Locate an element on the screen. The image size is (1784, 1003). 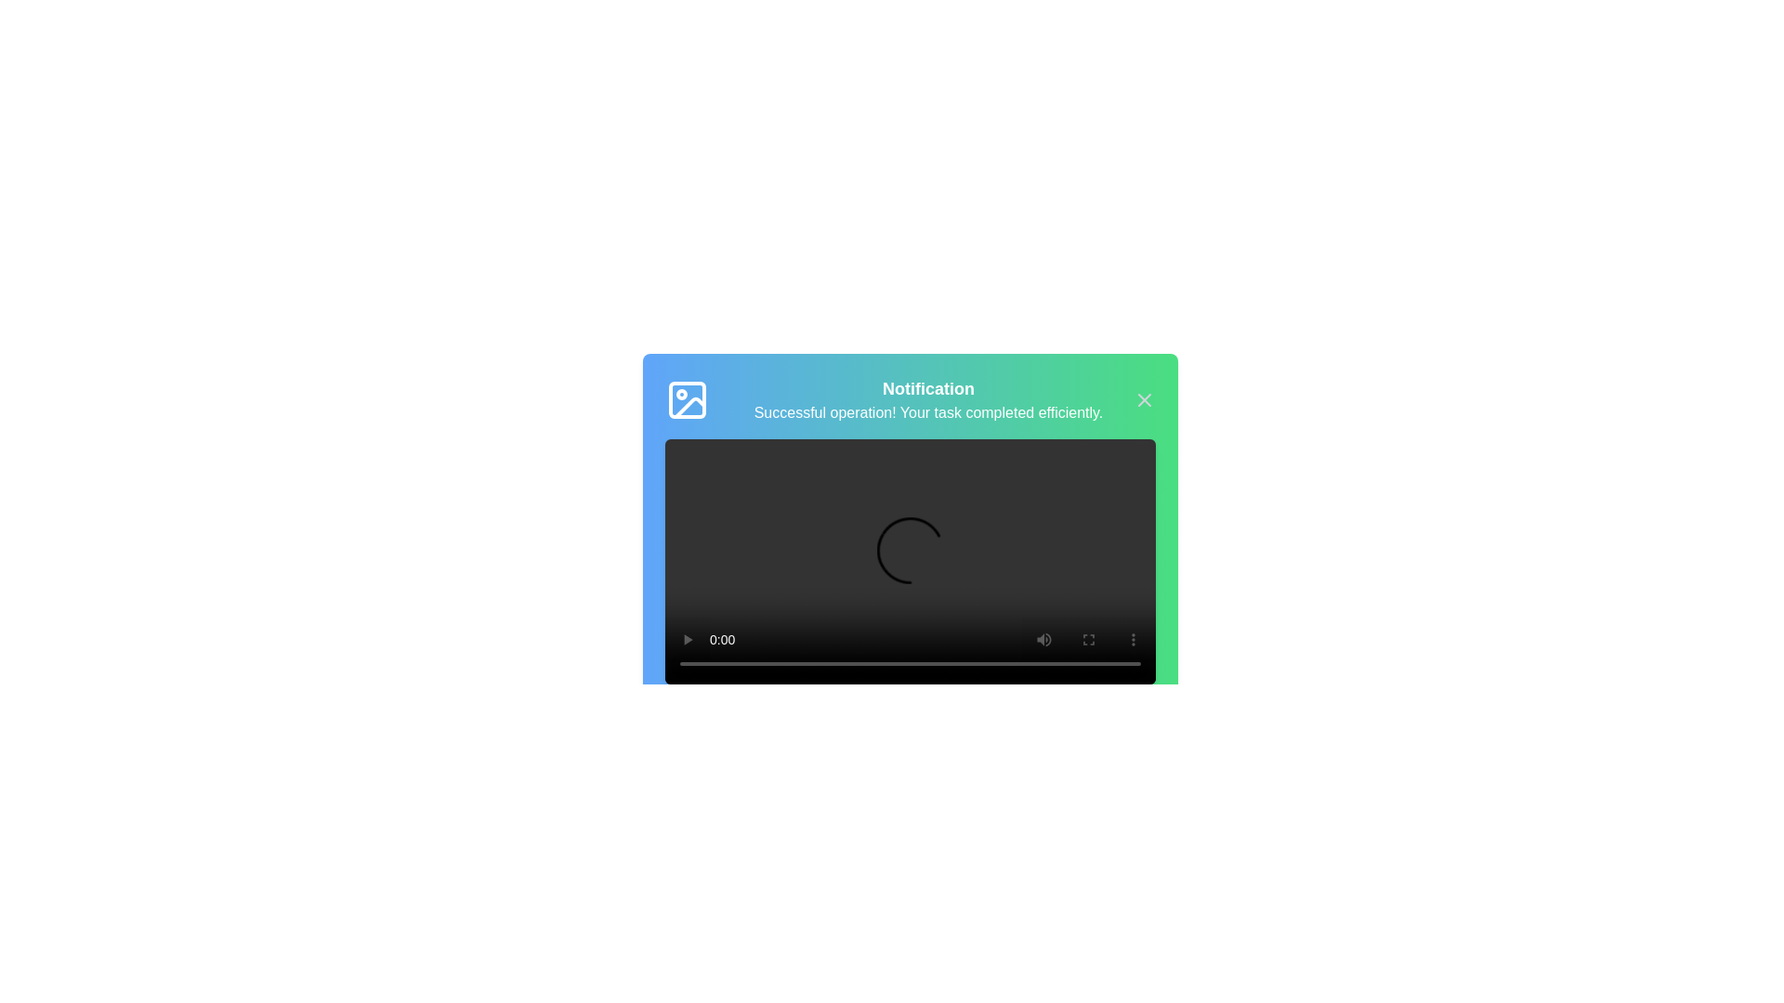
the close button located in the top-right corner of the alert is located at coordinates (1143, 399).